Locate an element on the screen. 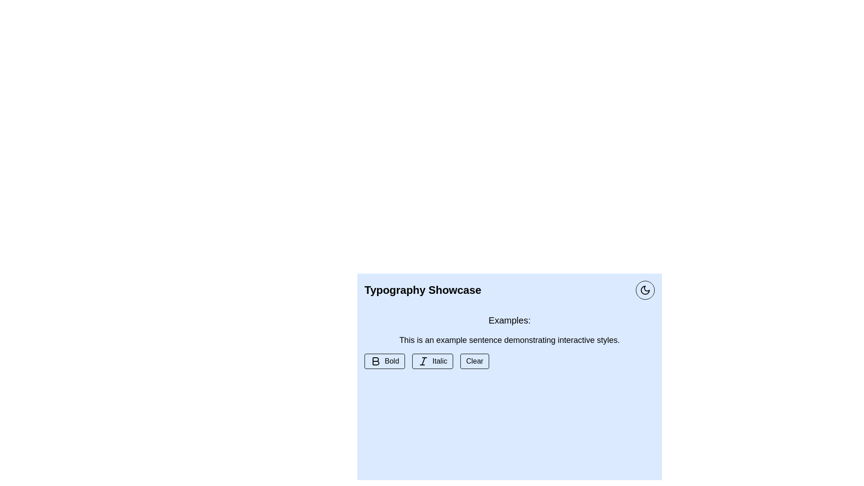  the circular button with a crescent moon icon located at the top-right corner of the header section containing 'Typography Showcase' is located at coordinates (645, 290).